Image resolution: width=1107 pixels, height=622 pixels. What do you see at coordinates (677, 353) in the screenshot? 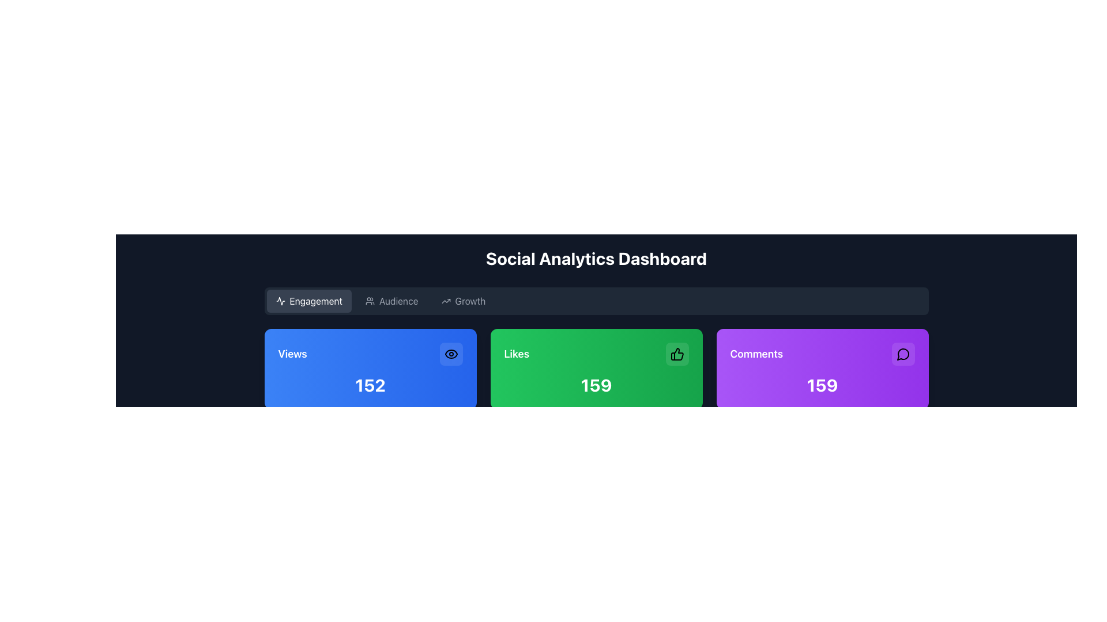
I see `the button for user engagement or acknowledgment located on the right side of the green card labeled 'Likes' in the metrics dashboard, positioned next to the number '159'` at bounding box center [677, 353].